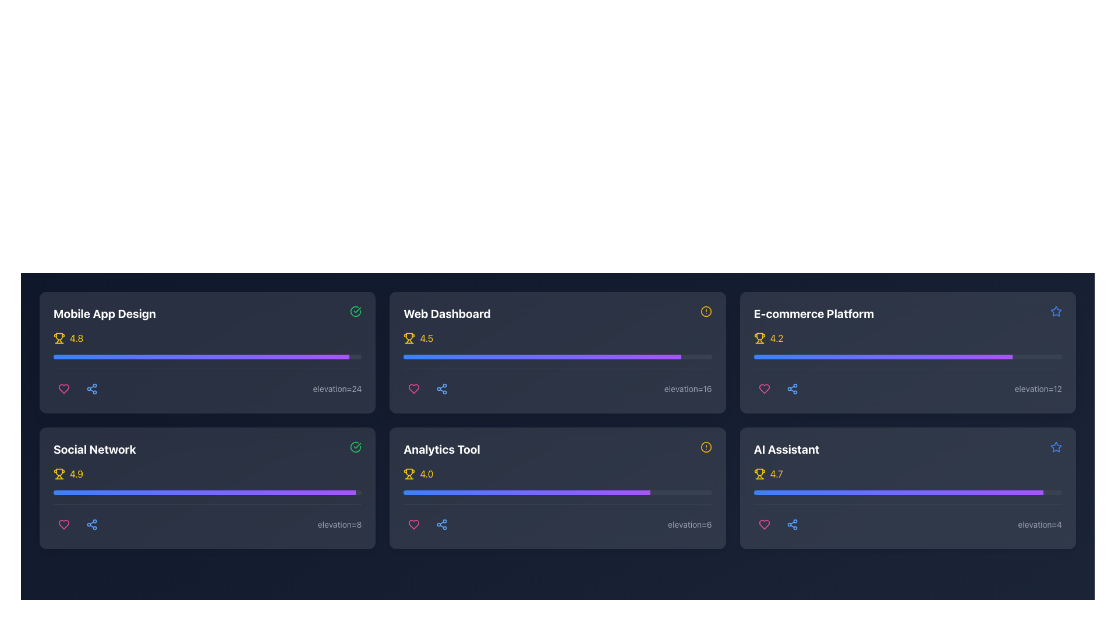  What do you see at coordinates (63, 525) in the screenshot?
I see `the button with a heart-shaped icon that allows users to mark content as liked or favorited` at bounding box center [63, 525].